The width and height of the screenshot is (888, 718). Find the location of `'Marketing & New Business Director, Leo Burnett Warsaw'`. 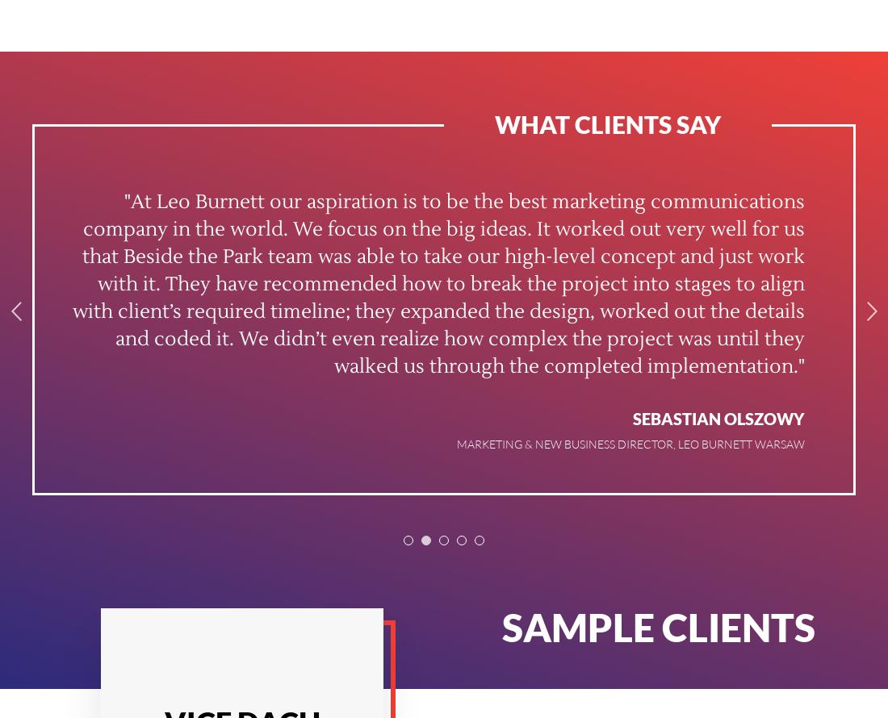

'Marketing & New Business Director, Leo Burnett Warsaw' is located at coordinates (630, 443).